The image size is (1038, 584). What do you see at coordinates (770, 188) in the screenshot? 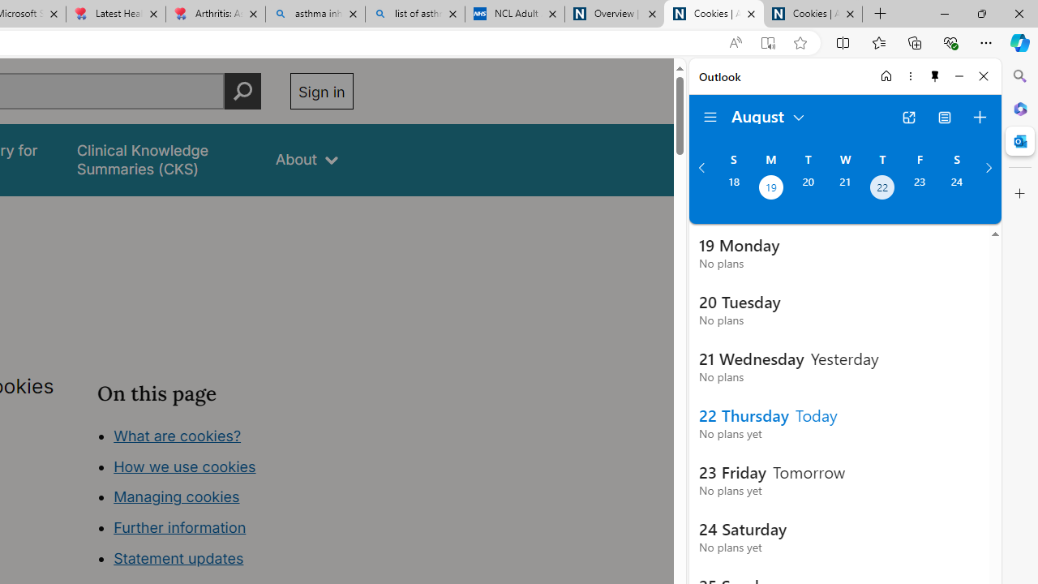
I see `'Monday, August 19, 2024. Date selected. '` at bounding box center [770, 188].